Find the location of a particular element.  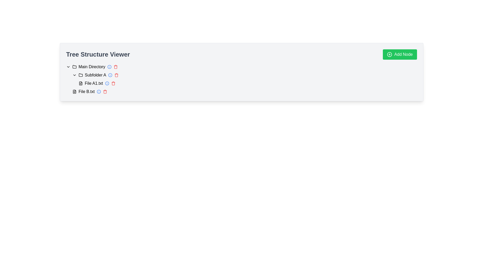

the red outlined trash bin icon located to the right of the text 'File B.txt' is located at coordinates (105, 91).